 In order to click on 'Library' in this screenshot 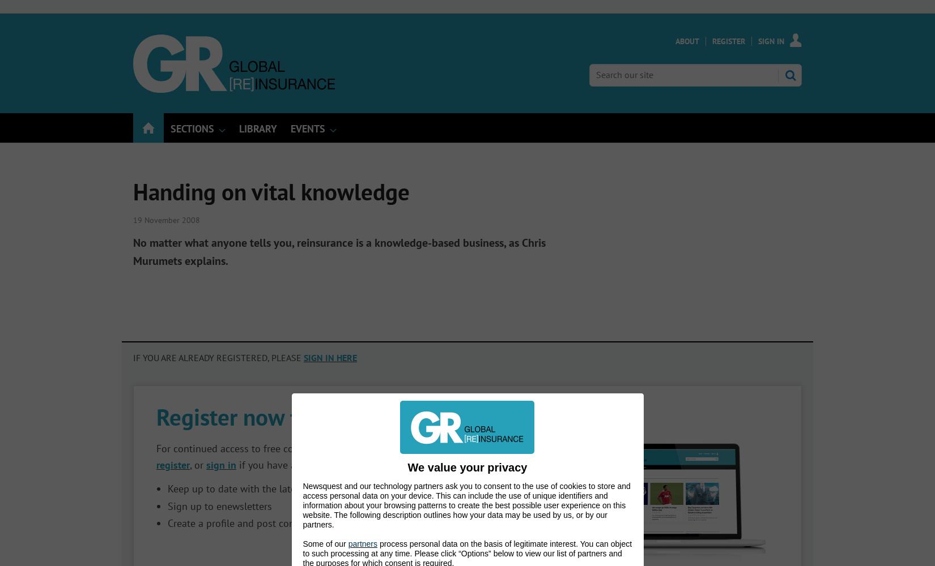, I will do `click(239, 128)`.